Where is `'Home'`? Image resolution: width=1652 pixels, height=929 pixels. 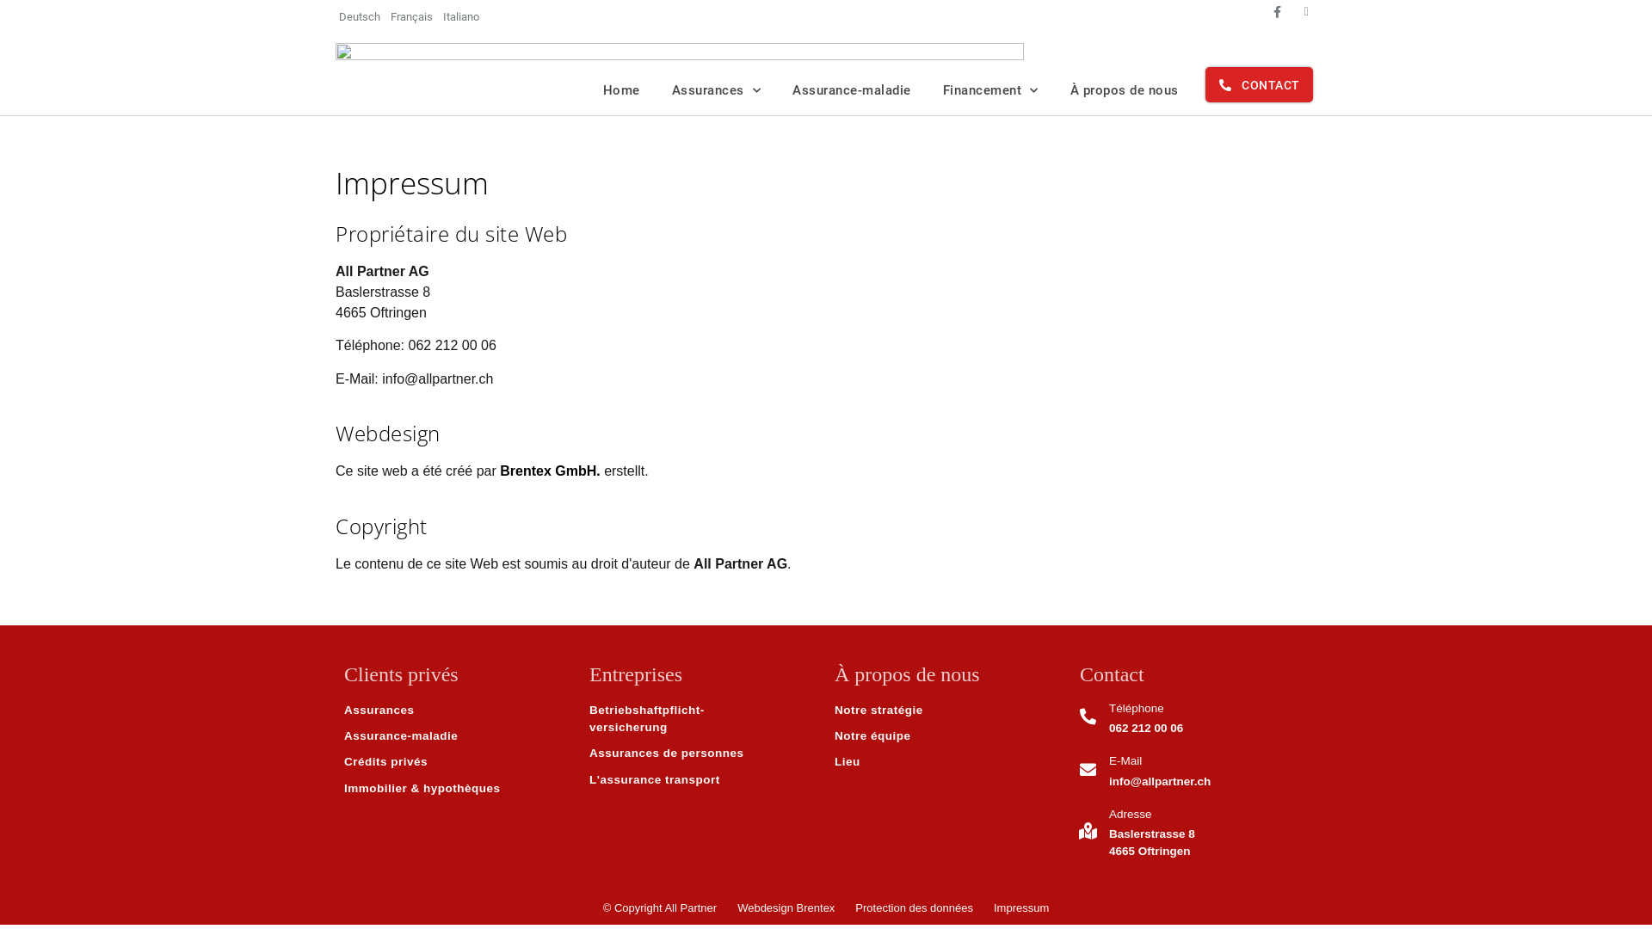 'Home' is located at coordinates (620, 89).